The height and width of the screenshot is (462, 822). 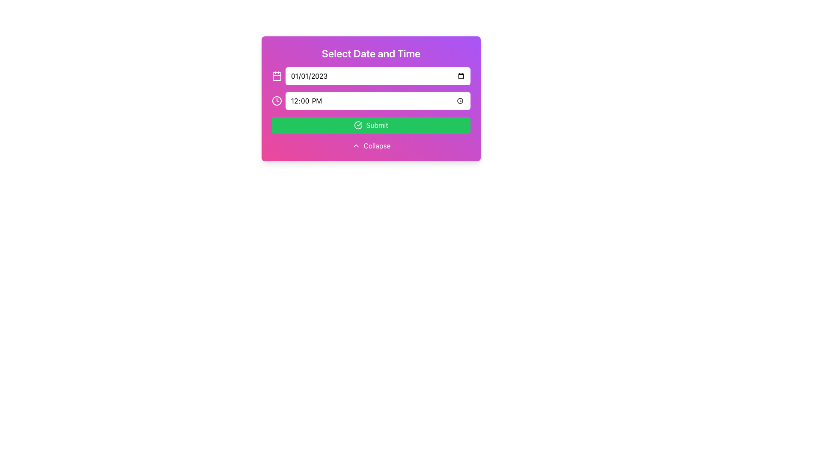 What do you see at coordinates (371, 53) in the screenshot?
I see `the Text Label that serves as a title or heading for the section, providing context about the contents and actions available within the section below` at bounding box center [371, 53].